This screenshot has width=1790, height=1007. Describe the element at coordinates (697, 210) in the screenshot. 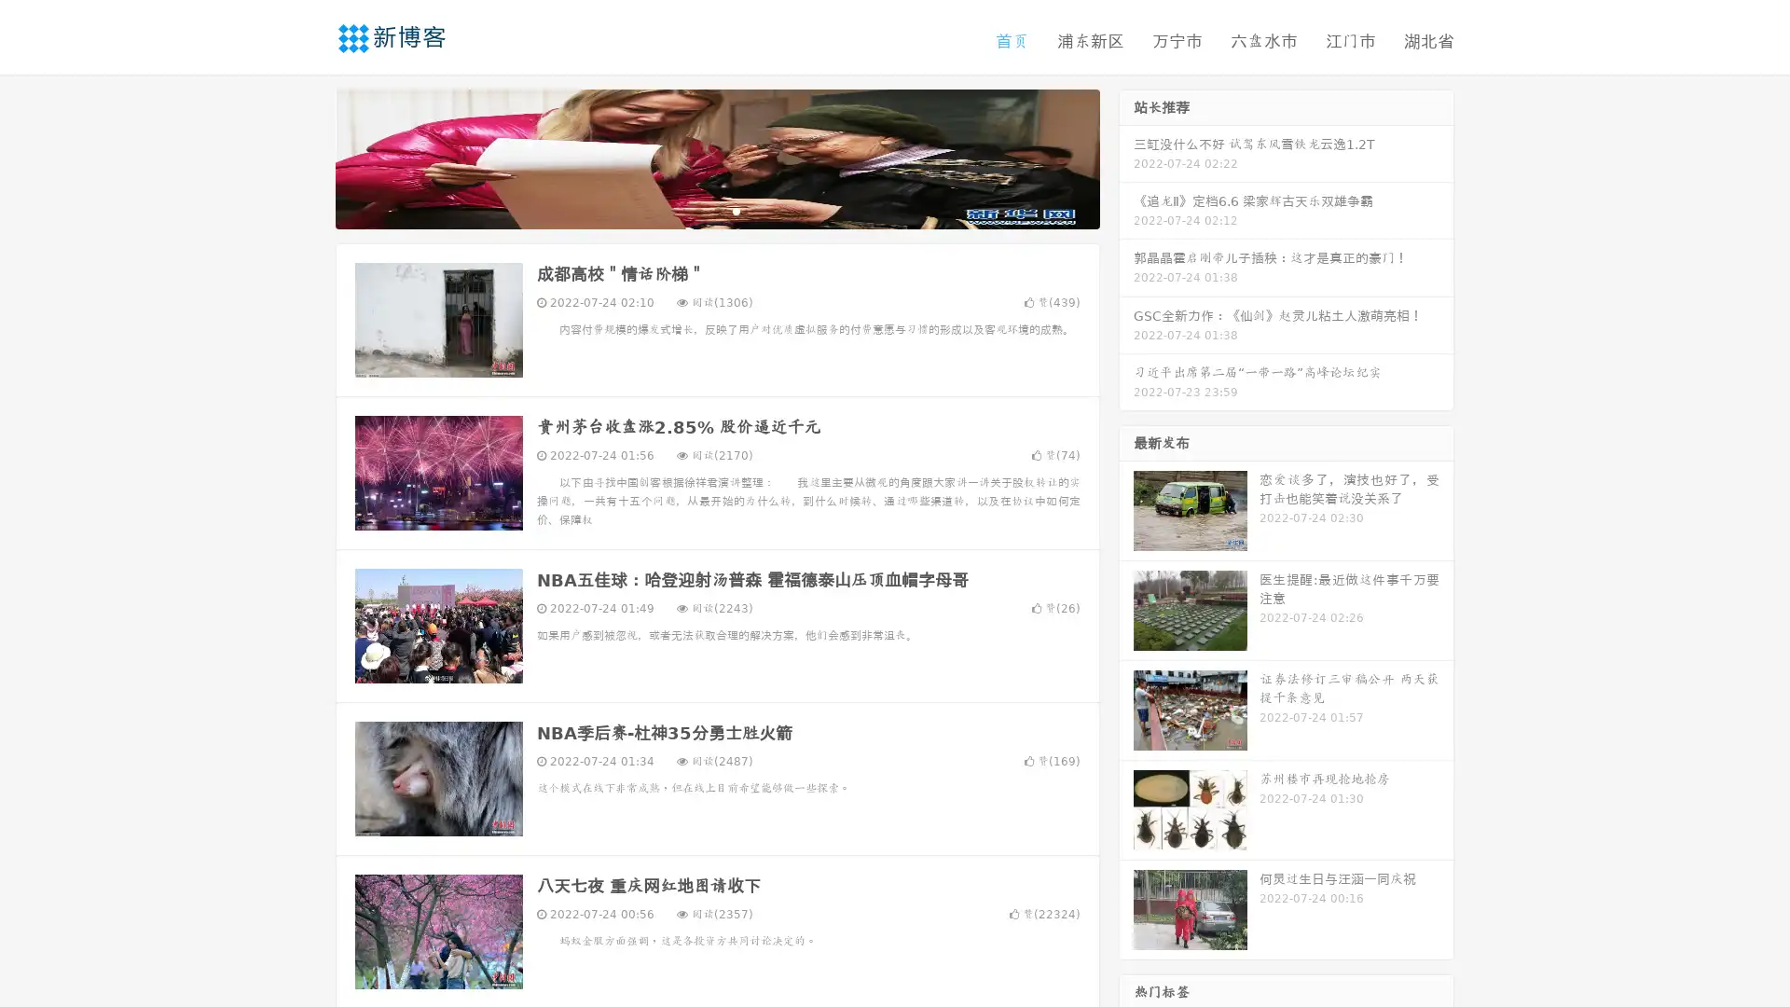

I see `Go to slide 1` at that location.